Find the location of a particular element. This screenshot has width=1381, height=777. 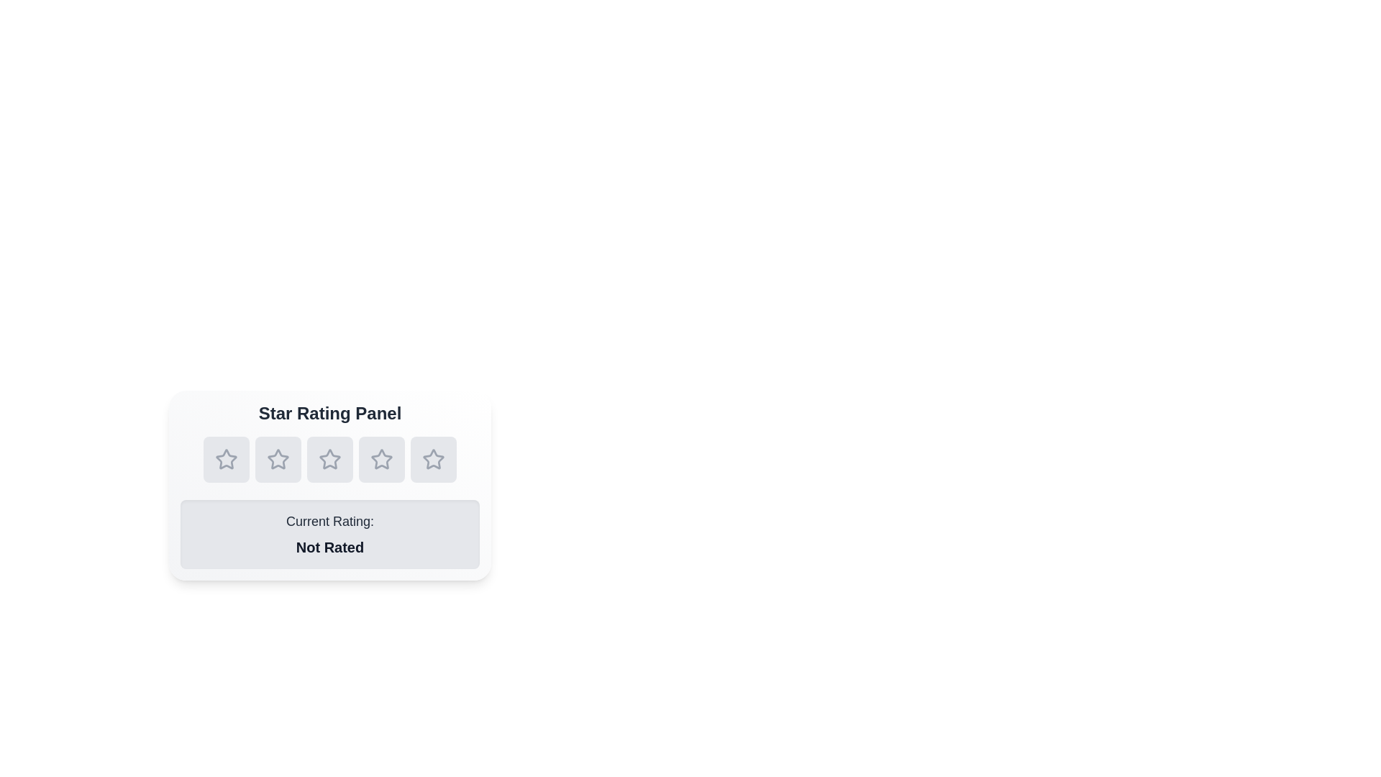

the star rating row in the interactive rating panel component is located at coordinates (329, 486).